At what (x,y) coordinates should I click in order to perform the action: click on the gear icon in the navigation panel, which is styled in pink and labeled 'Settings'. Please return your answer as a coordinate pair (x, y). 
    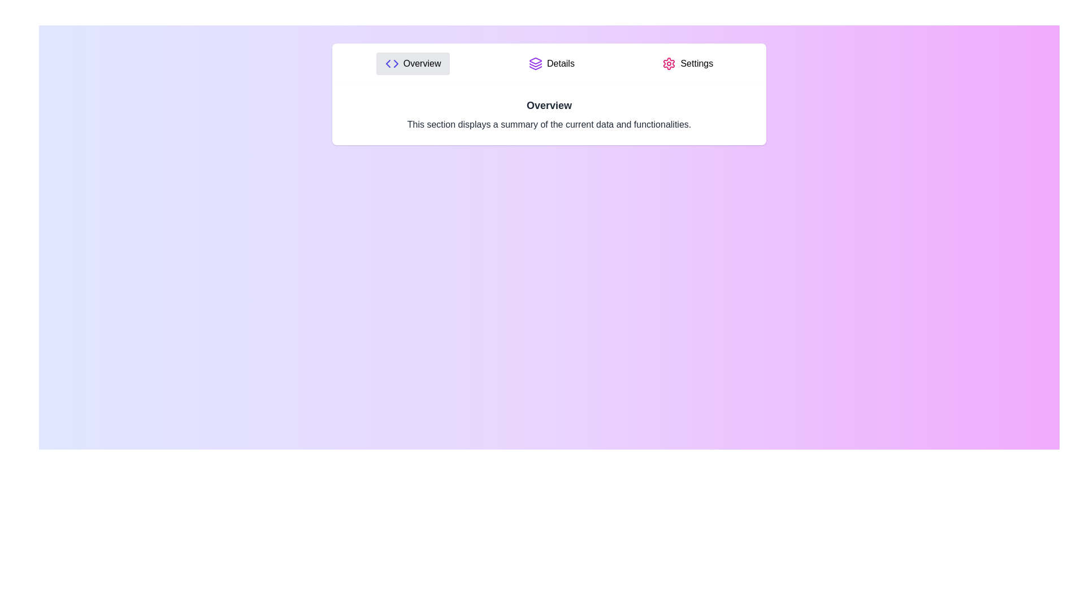
    Looking at the image, I should click on (669, 63).